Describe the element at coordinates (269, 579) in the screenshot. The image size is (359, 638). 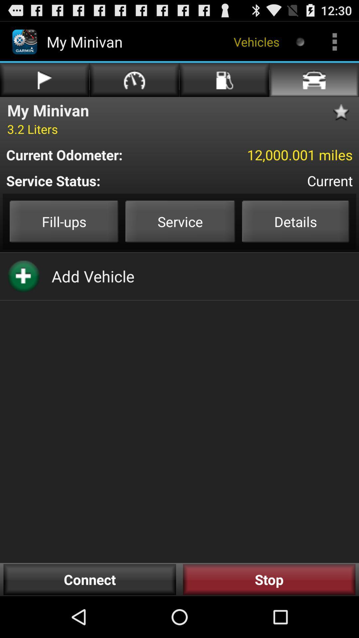
I see `the stop item` at that location.